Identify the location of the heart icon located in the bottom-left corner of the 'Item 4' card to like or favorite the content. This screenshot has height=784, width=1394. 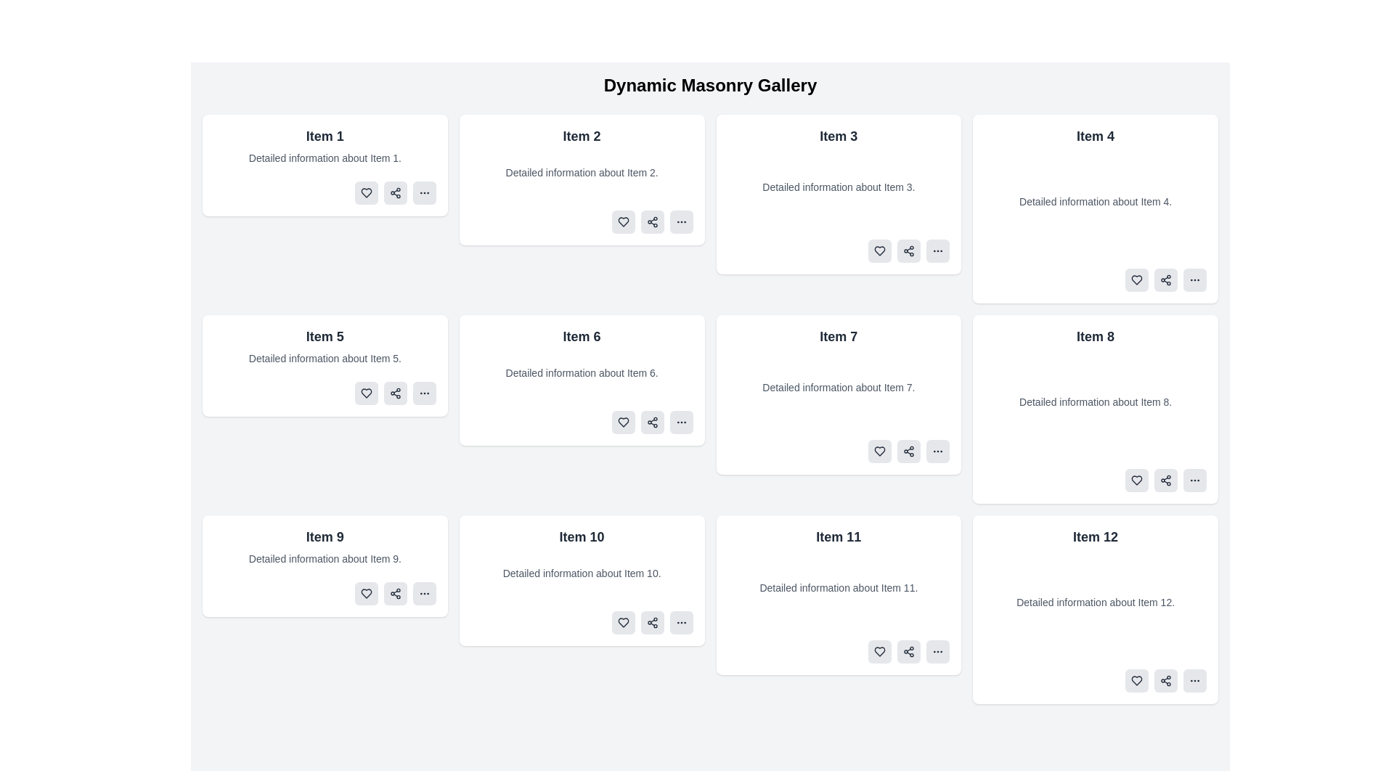
(1136, 279).